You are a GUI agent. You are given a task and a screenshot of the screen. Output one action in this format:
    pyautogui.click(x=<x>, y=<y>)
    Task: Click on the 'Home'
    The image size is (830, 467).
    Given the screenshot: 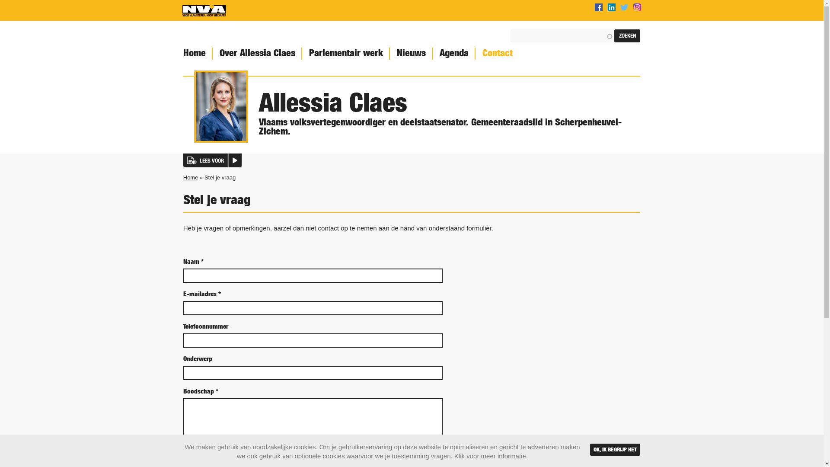 What is the action you would take?
    pyautogui.click(x=190, y=176)
    